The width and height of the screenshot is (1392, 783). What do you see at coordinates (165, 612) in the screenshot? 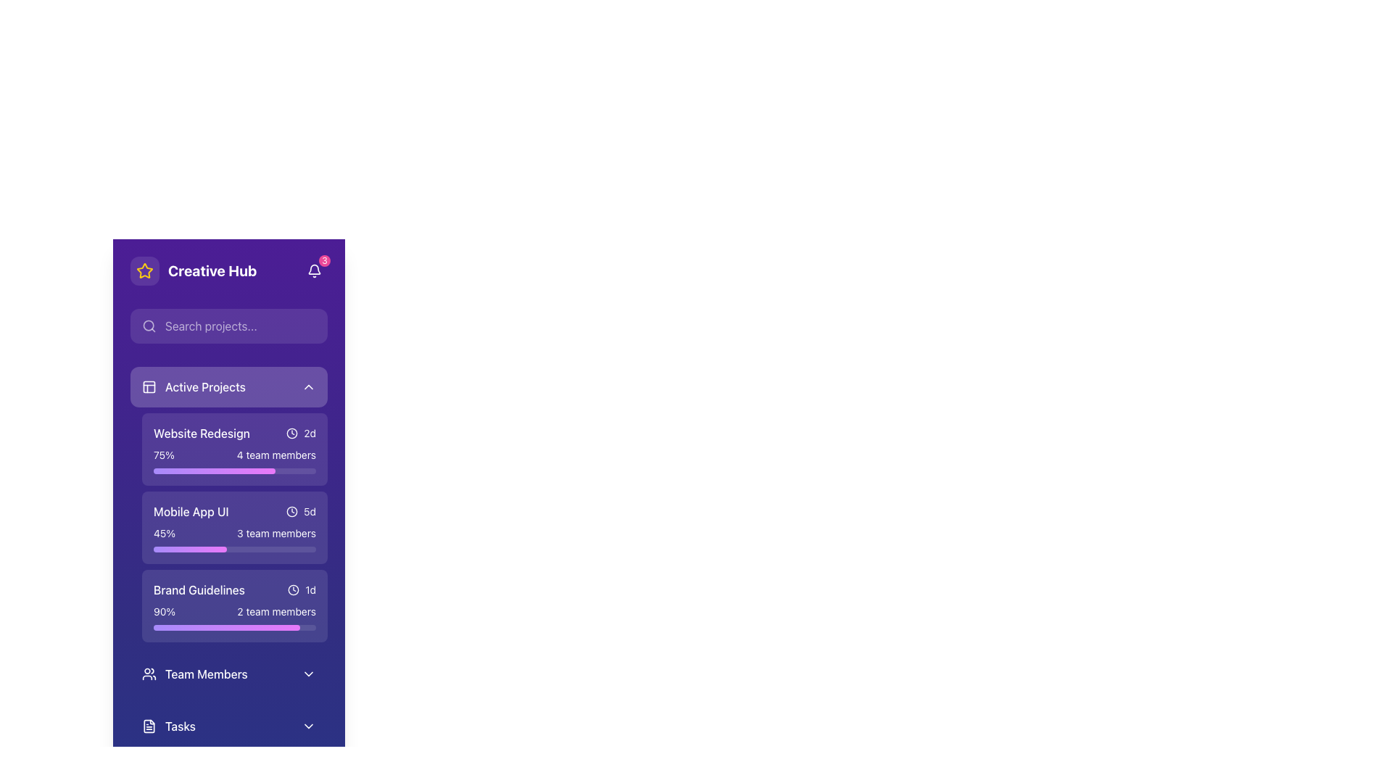
I see `the text label displaying the percentage completion of the 'Brand Guidelines' task, located in the 'Active Projects' section, near the top-left and separated from '2 team members'` at bounding box center [165, 612].